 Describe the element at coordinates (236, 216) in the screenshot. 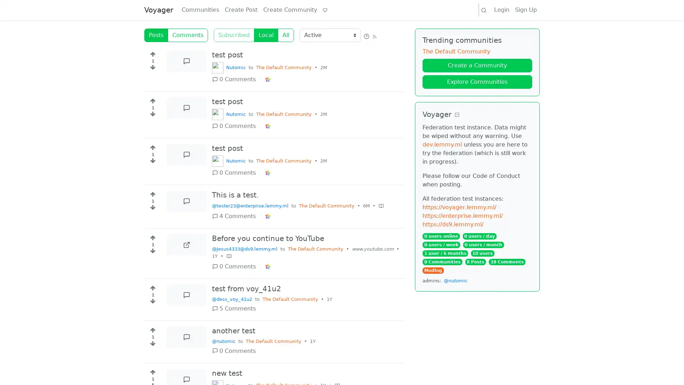

I see `4 Comments` at that location.